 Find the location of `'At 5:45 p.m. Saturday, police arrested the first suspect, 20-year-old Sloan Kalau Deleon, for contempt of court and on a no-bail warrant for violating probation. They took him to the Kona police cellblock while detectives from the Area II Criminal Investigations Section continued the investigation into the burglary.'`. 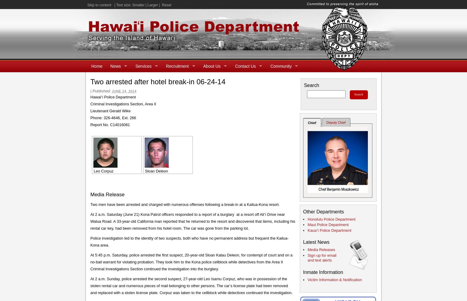

'At 5:45 p.m. Saturday, police arrested the first suspect, 20-year-old Sloan Kalau Deleon, for contempt of court and on a no-bail warrant for violating probation. They took him to the Kona police cellblock while detectives from the Area II Criminal Investigations Section continued the investigation into the burglary.' is located at coordinates (191, 261).